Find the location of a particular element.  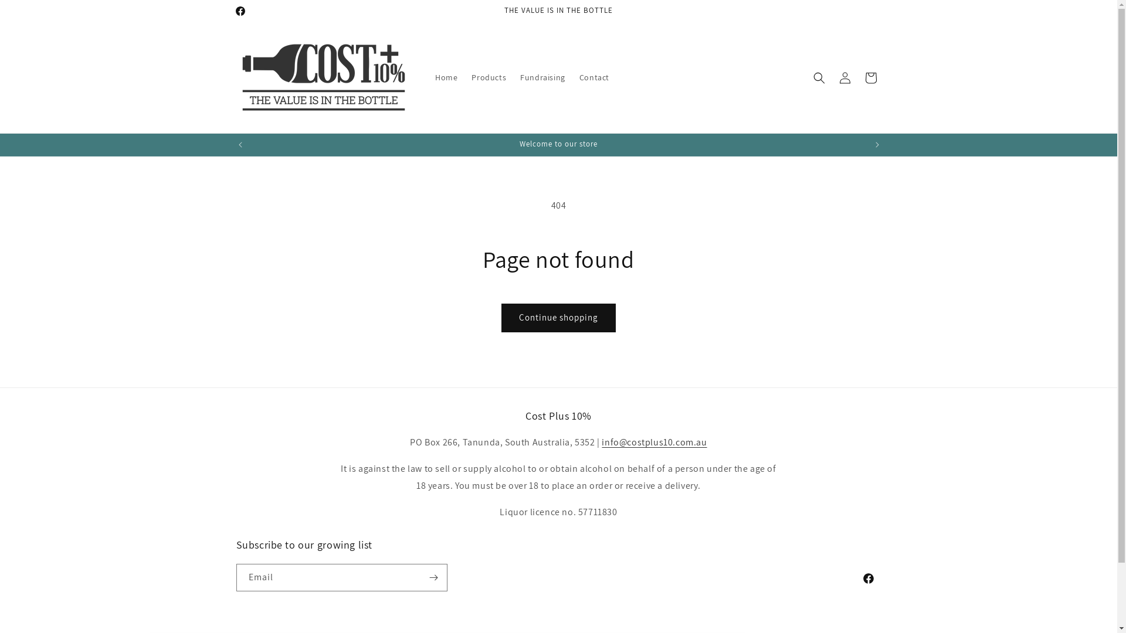

'Facebook' is located at coordinates (228, 11).